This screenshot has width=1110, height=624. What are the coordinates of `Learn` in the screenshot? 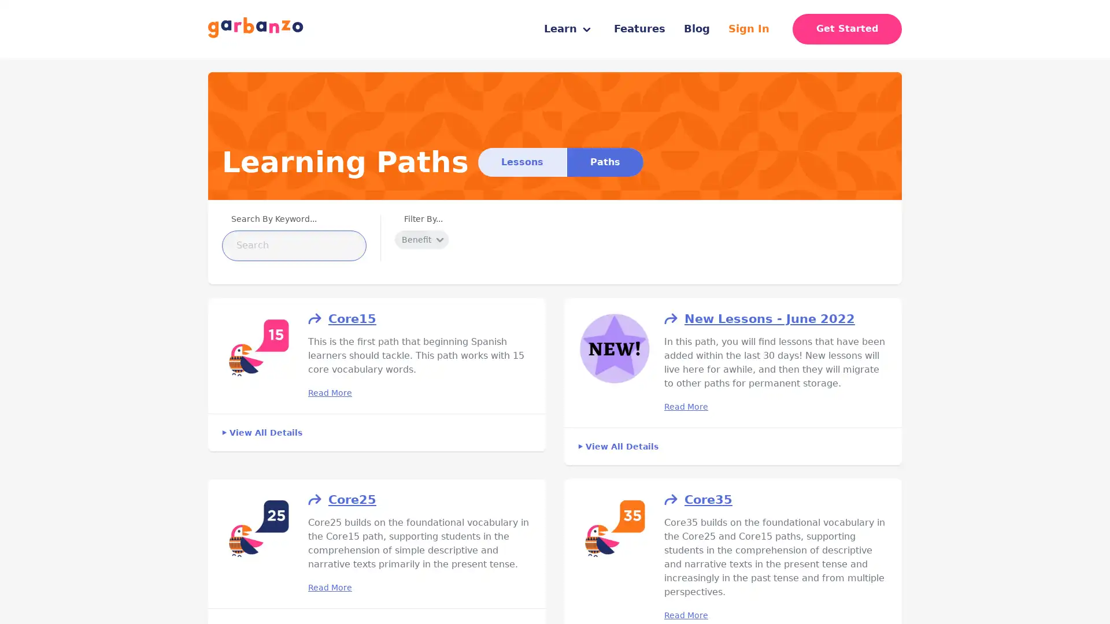 It's located at (567, 28).